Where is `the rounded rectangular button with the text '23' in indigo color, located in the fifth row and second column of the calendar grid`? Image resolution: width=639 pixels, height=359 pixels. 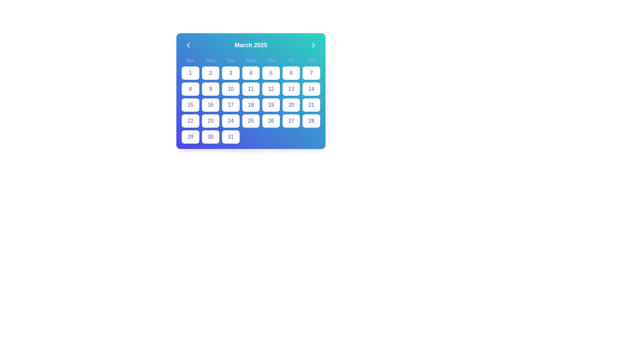 the rounded rectangular button with the text '23' in indigo color, located in the fifth row and second column of the calendar grid is located at coordinates (210, 121).